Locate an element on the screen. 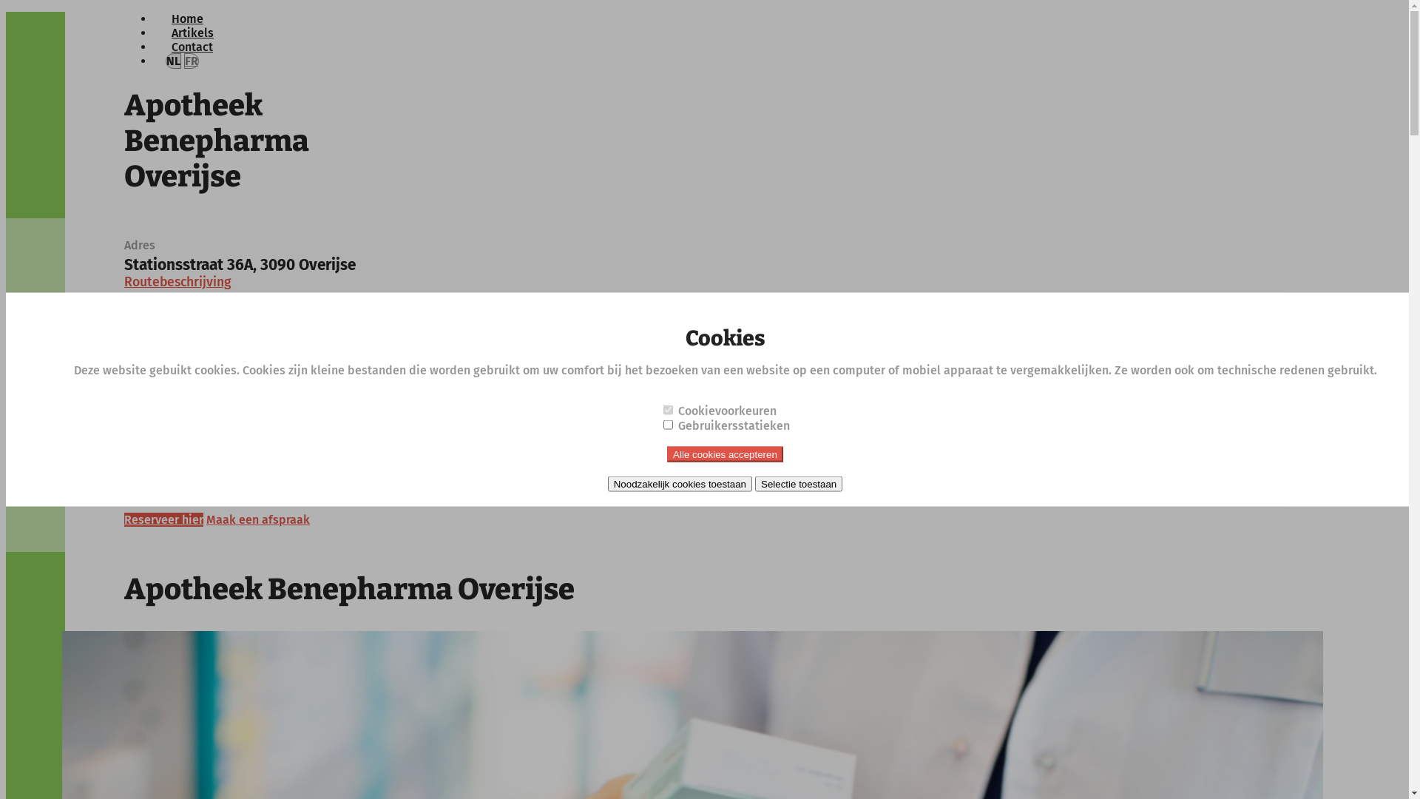 Image resolution: width=1420 pixels, height=799 pixels. 'Contact' is located at coordinates (191, 46).